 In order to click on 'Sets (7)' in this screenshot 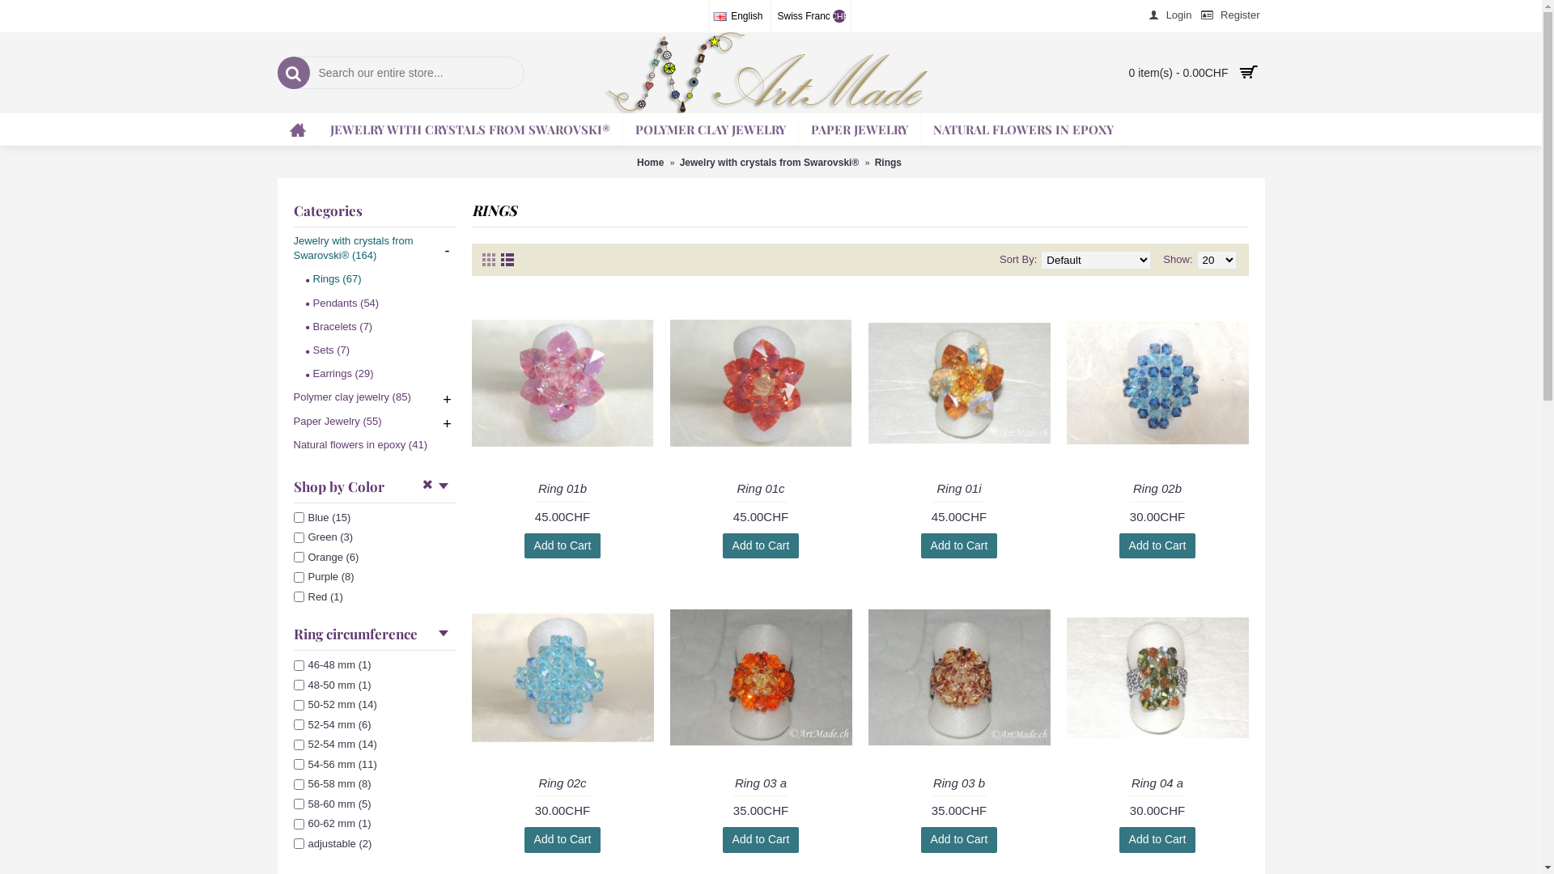, I will do `click(292, 347)`.